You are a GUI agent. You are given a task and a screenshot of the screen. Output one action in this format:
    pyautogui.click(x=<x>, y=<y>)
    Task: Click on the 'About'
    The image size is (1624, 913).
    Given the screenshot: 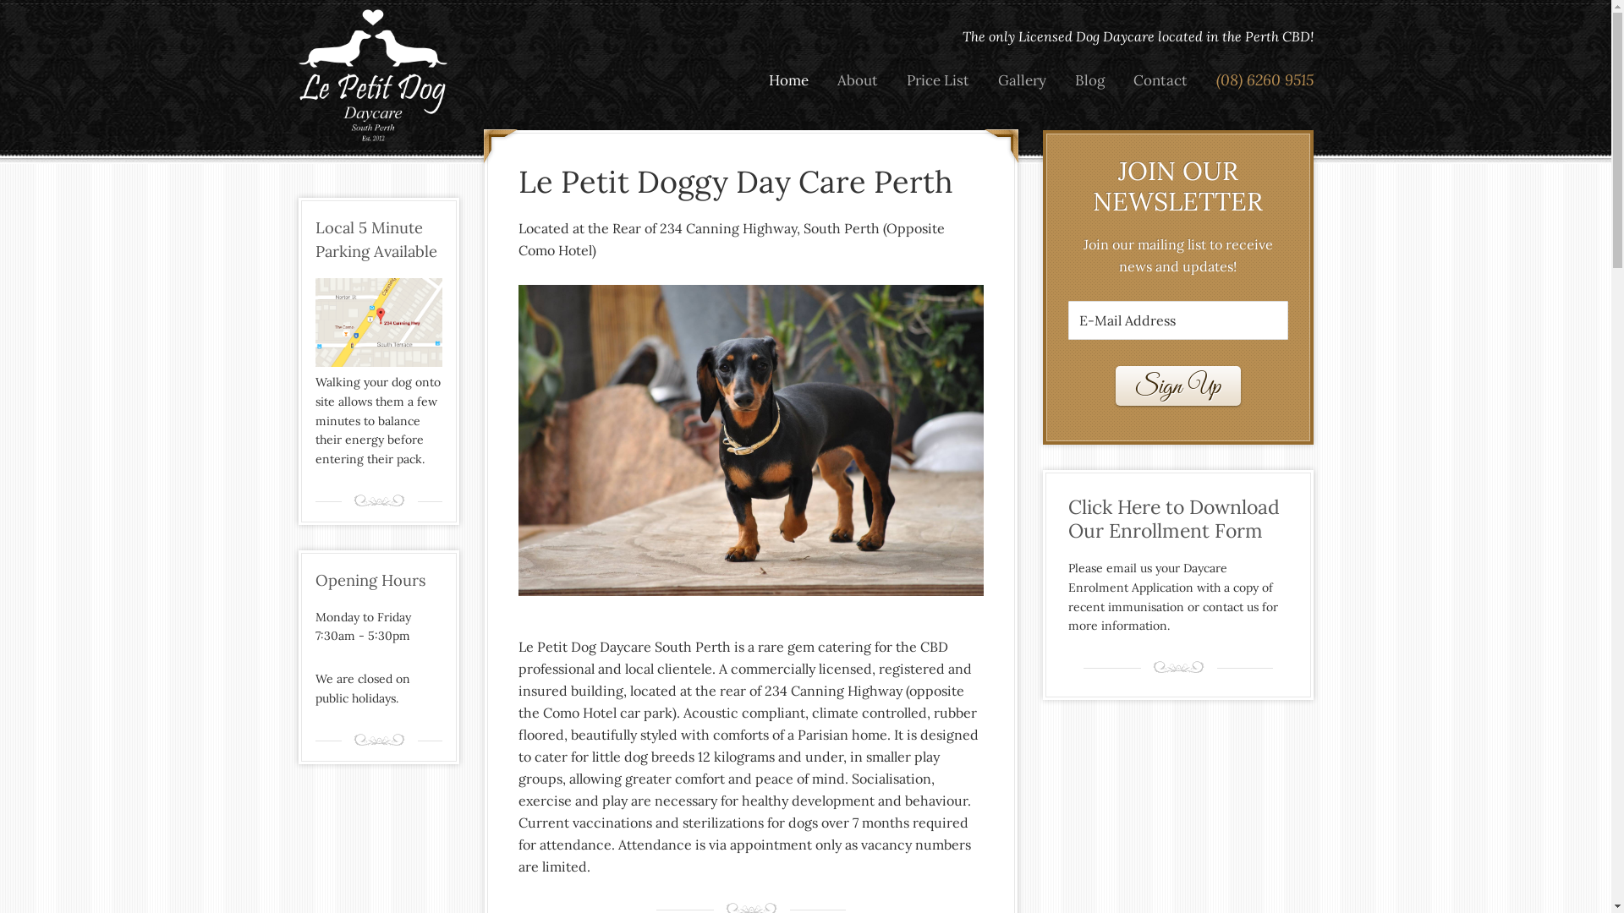 What is the action you would take?
    pyautogui.click(x=856, y=80)
    